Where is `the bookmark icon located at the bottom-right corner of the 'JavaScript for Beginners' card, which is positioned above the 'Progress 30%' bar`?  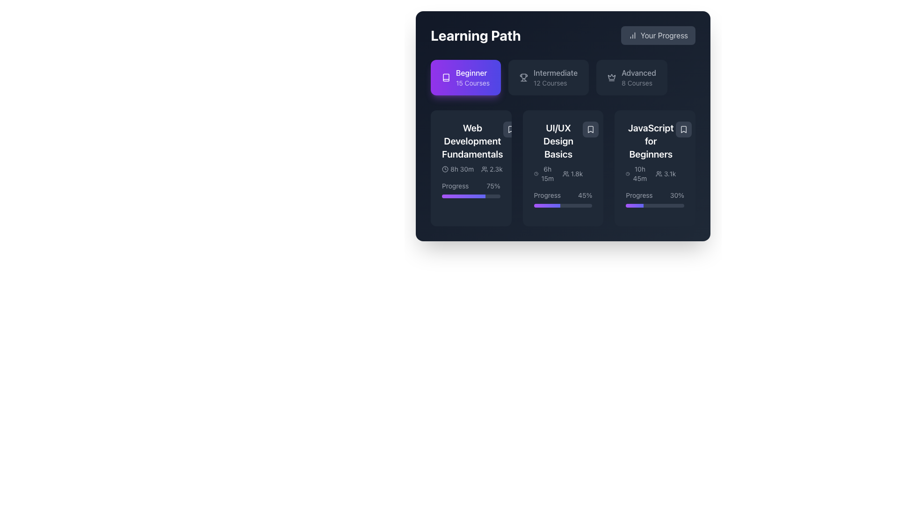
the bookmark icon located at the bottom-right corner of the 'JavaScript for Beginners' card, which is positioned above the 'Progress 30%' bar is located at coordinates (684, 130).